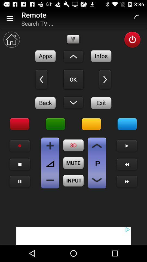 The height and width of the screenshot is (262, 147). I want to click on the home icon, so click(11, 39).